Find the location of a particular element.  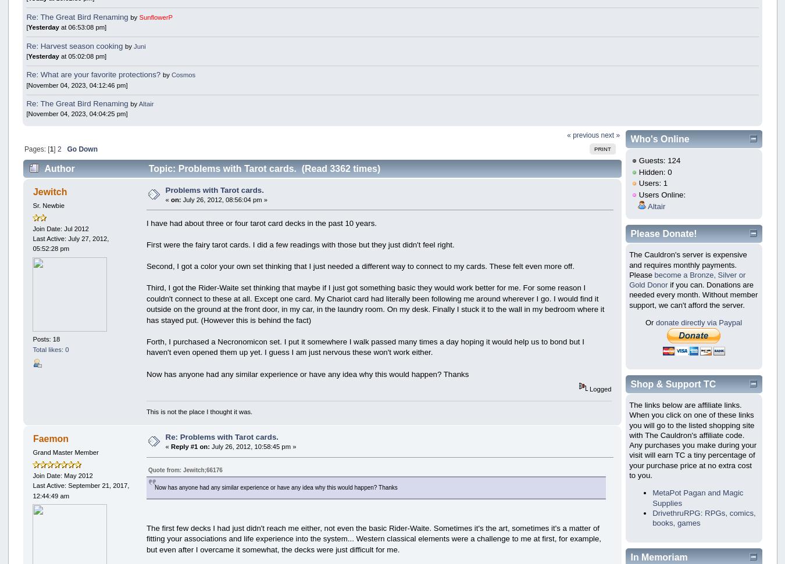

'Who's Online' is located at coordinates (659, 138).